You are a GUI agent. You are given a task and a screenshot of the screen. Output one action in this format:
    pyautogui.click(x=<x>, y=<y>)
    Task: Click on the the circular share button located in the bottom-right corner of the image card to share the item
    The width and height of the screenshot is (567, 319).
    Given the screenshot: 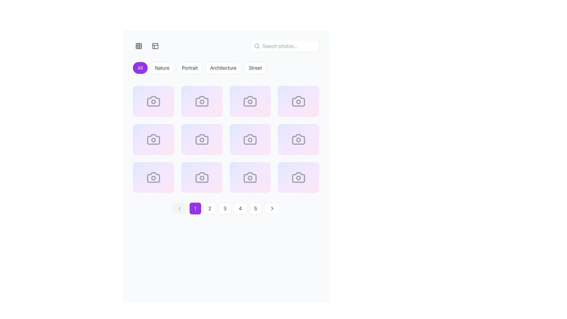 What is the action you would take?
    pyautogui.click(x=301, y=183)
    